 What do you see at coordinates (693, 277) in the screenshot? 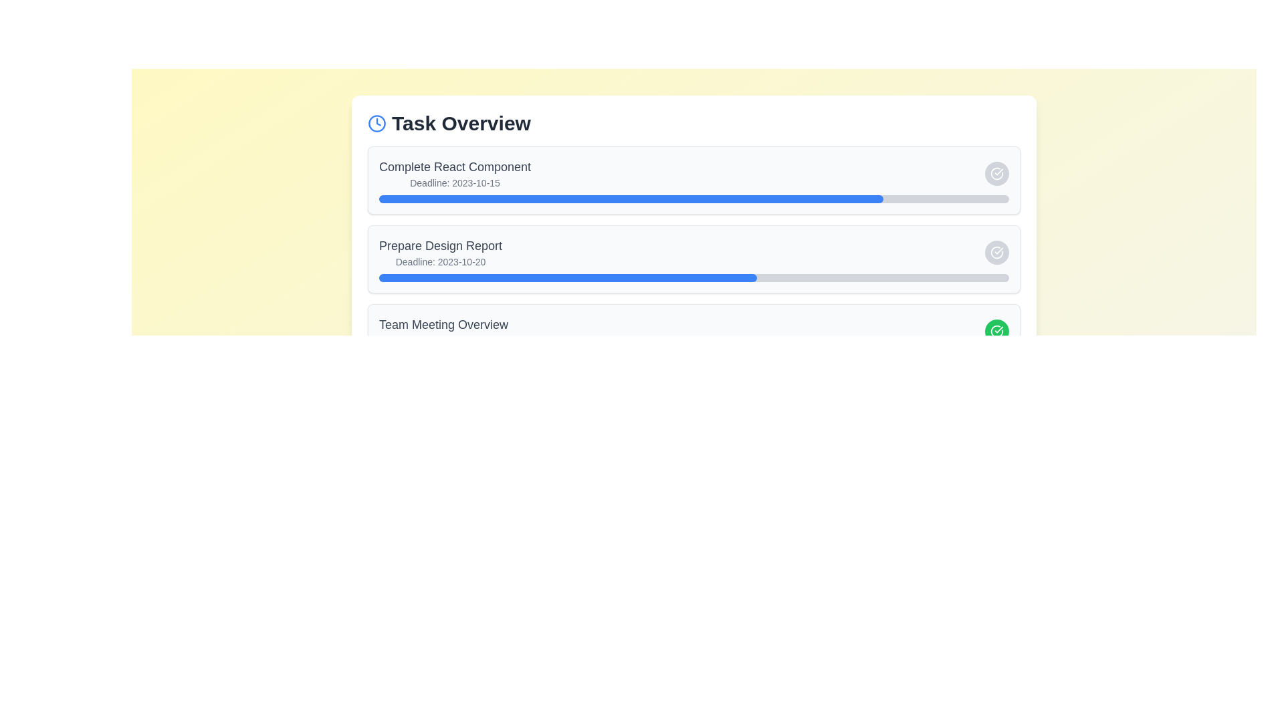
I see `the Progress Bar element located within the 'Prepare Design Report' task card, which has a gray background and a blue section indicating about 60% progress` at bounding box center [693, 277].